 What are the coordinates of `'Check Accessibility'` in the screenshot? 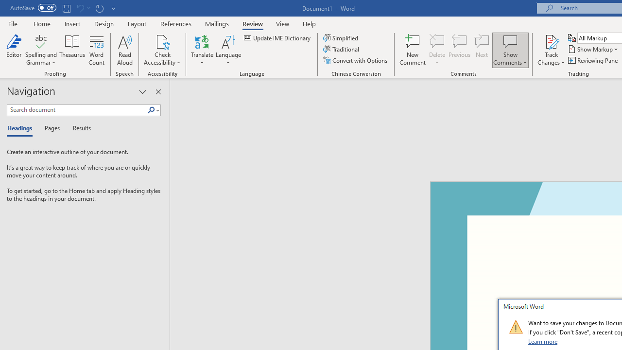 It's located at (162, 41).